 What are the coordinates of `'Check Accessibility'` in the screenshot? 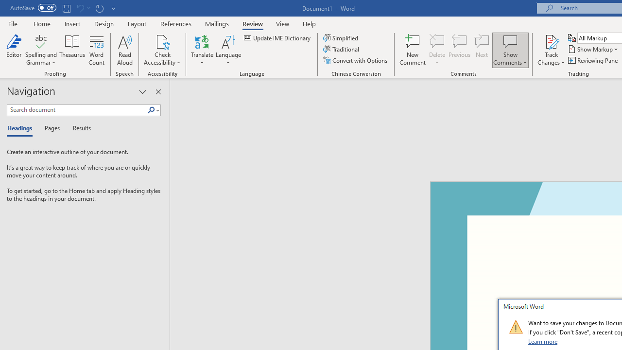 It's located at (162, 41).